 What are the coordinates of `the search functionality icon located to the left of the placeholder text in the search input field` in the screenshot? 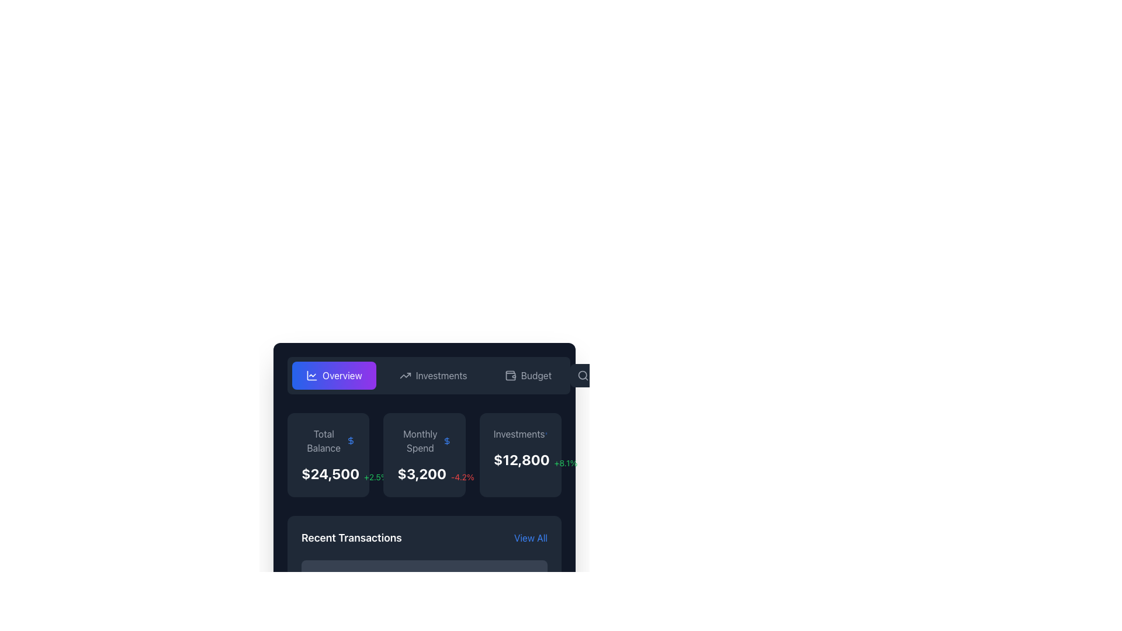 It's located at (583, 376).